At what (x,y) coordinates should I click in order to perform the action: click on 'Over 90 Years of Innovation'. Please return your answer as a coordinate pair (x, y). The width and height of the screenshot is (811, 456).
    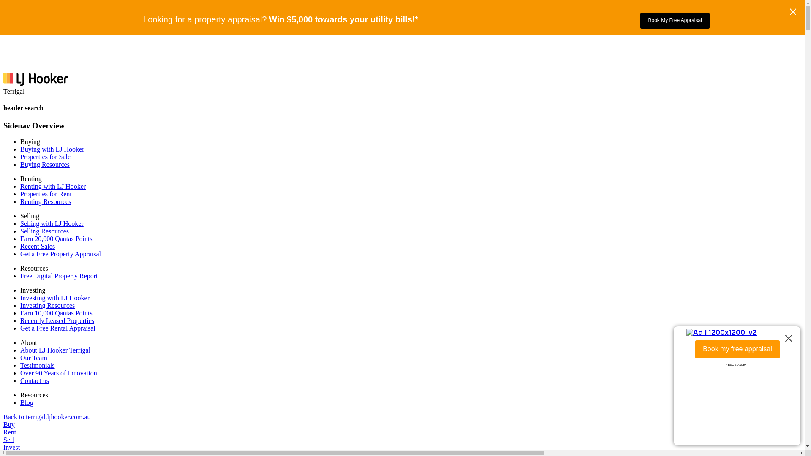
    Looking at the image, I should click on (58, 372).